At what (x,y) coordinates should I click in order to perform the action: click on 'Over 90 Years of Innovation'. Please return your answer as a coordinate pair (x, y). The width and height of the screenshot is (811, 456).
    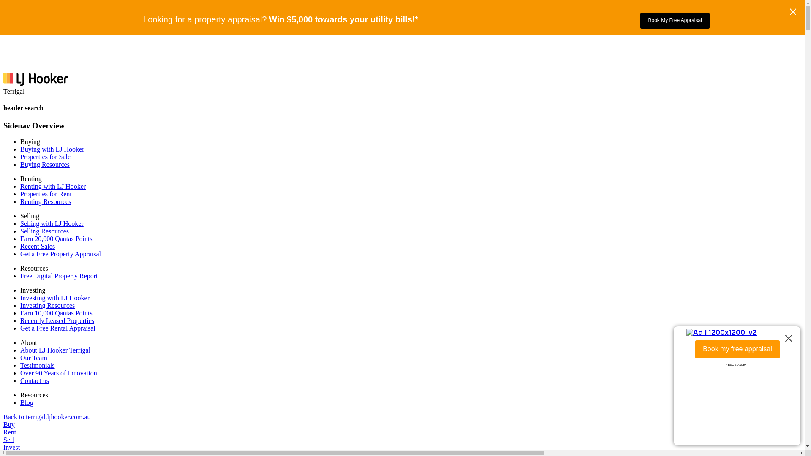
    Looking at the image, I should click on (58, 372).